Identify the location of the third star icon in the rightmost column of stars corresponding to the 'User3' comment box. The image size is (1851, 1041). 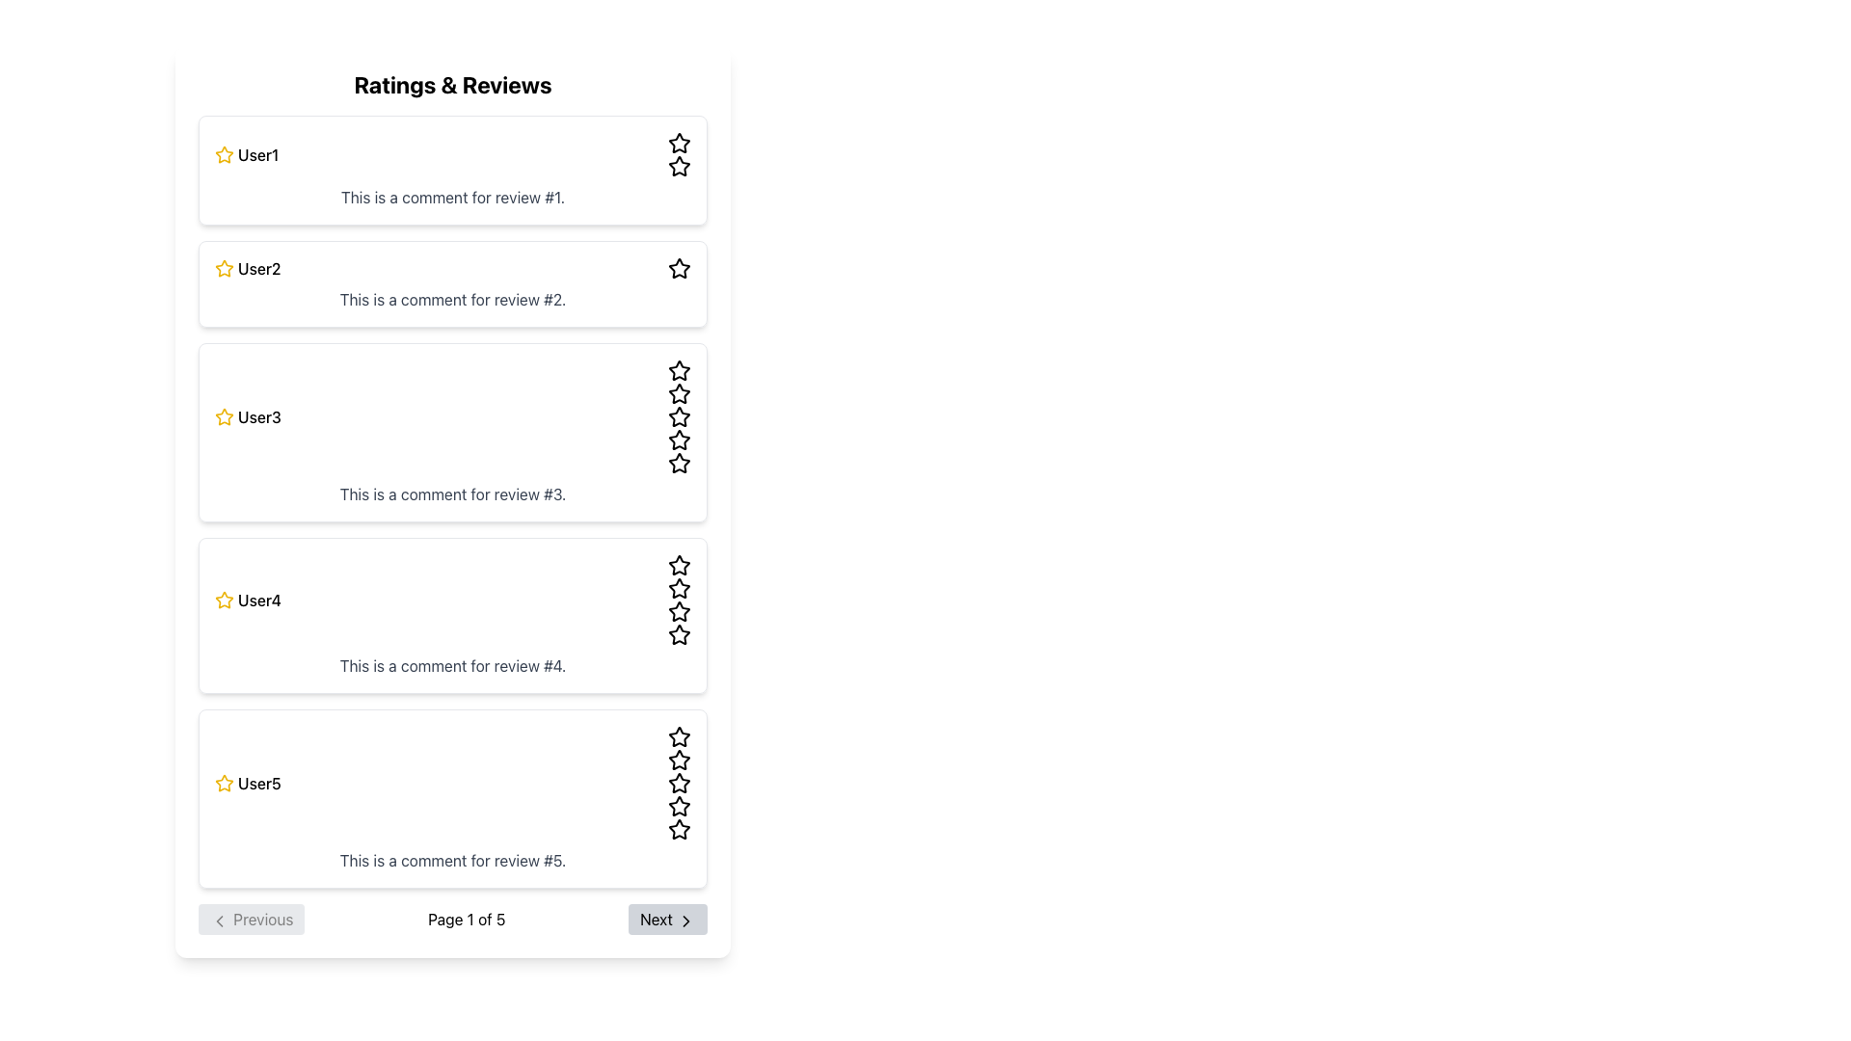
(680, 392).